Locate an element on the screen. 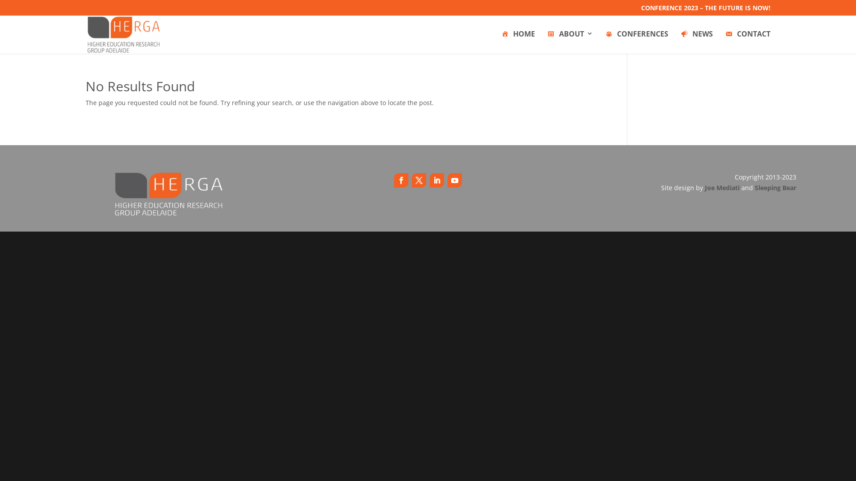 This screenshot has width=856, height=481. 'Follow on Youtube' is located at coordinates (454, 180).